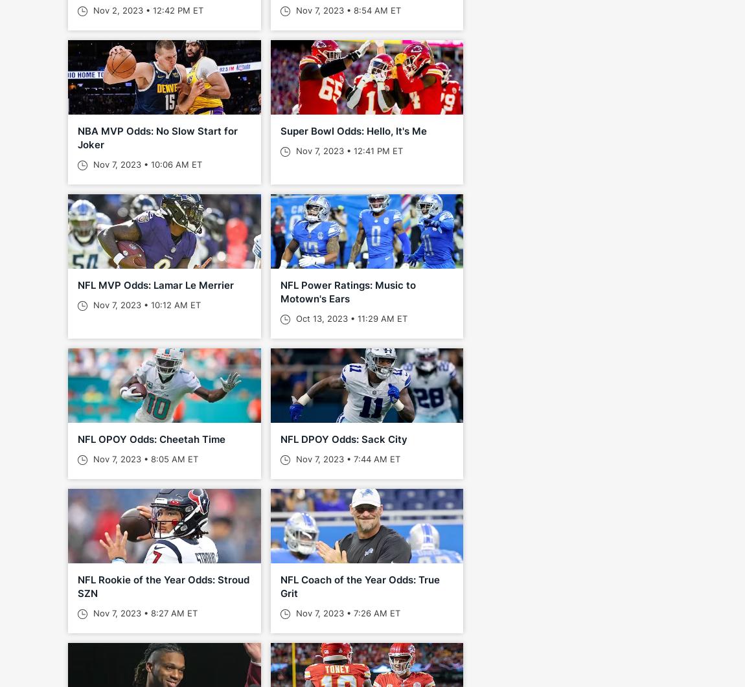  I want to click on 'Nov 7, 2023 • 12:41 PM ET', so click(347, 150).